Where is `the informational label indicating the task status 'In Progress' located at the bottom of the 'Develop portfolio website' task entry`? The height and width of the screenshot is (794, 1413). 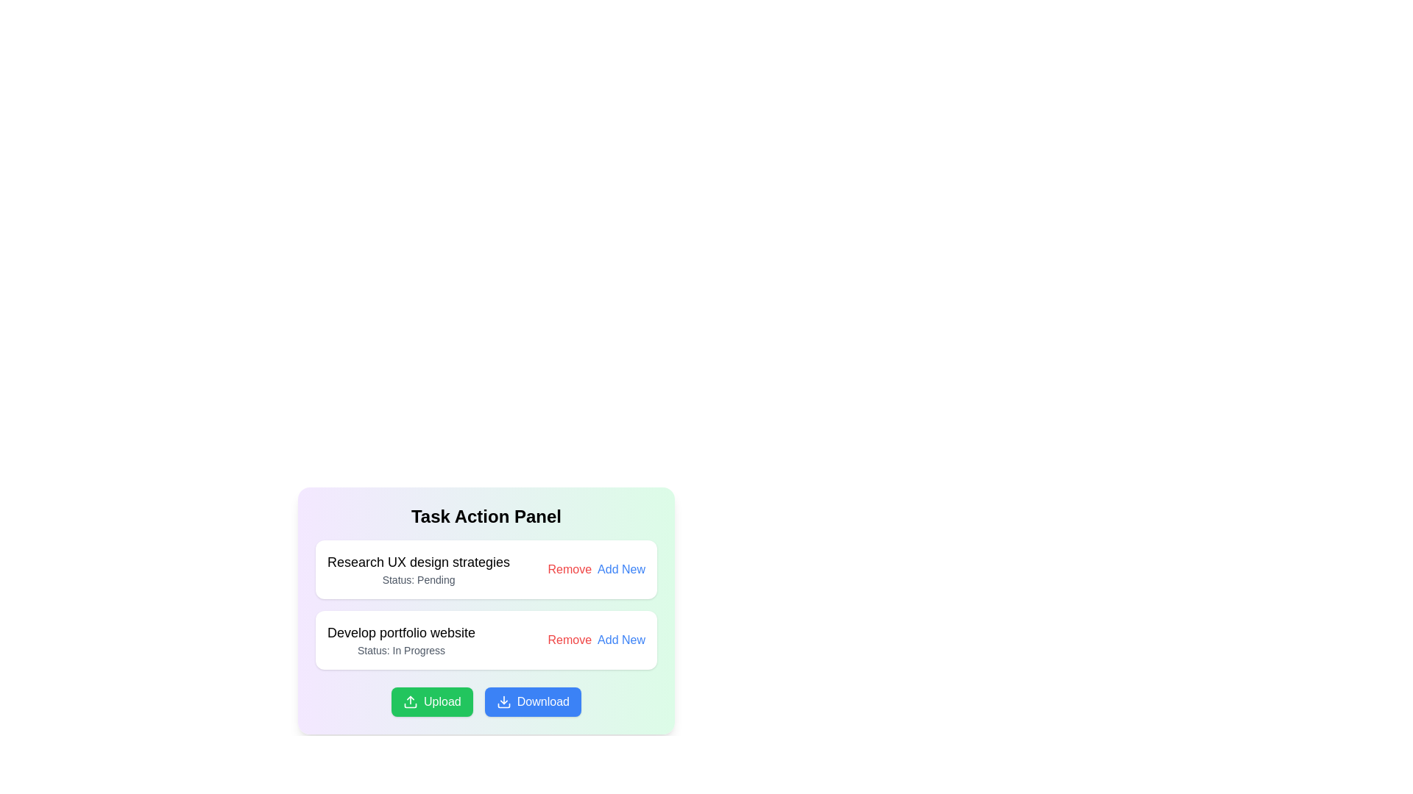 the informational label indicating the task status 'In Progress' located at the bottom of the 'Develop portfolio website' task entry is located at coordinates (401, 649).